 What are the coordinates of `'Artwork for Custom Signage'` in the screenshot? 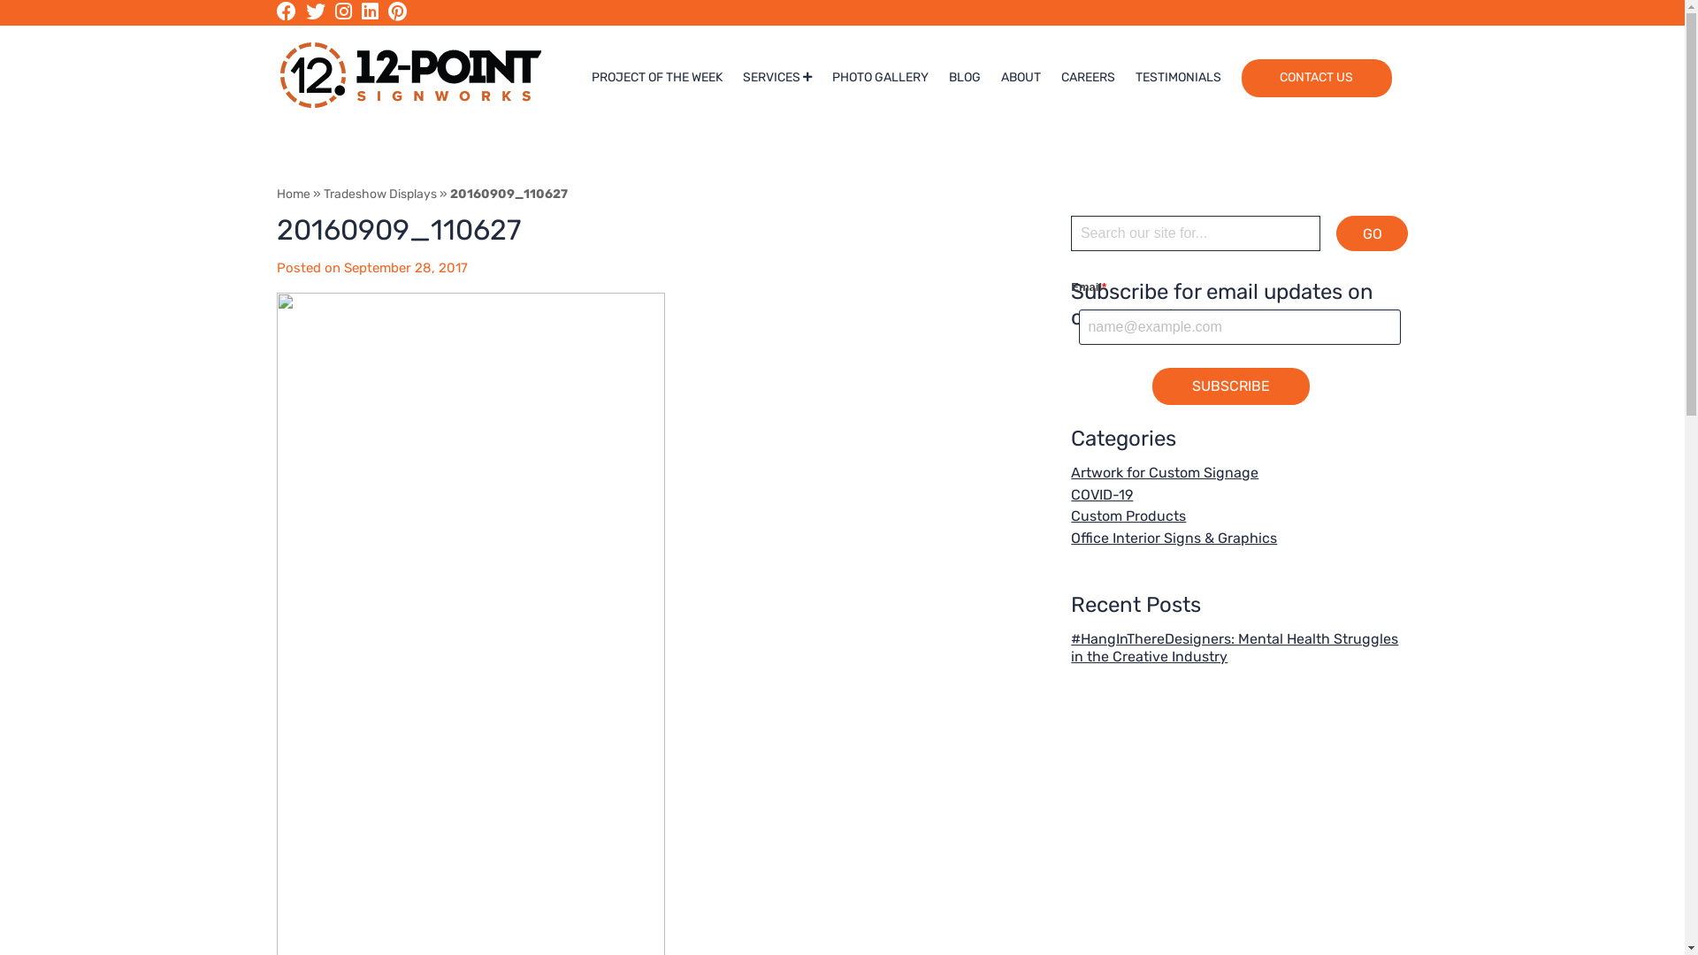 It's located at (1164, 471).